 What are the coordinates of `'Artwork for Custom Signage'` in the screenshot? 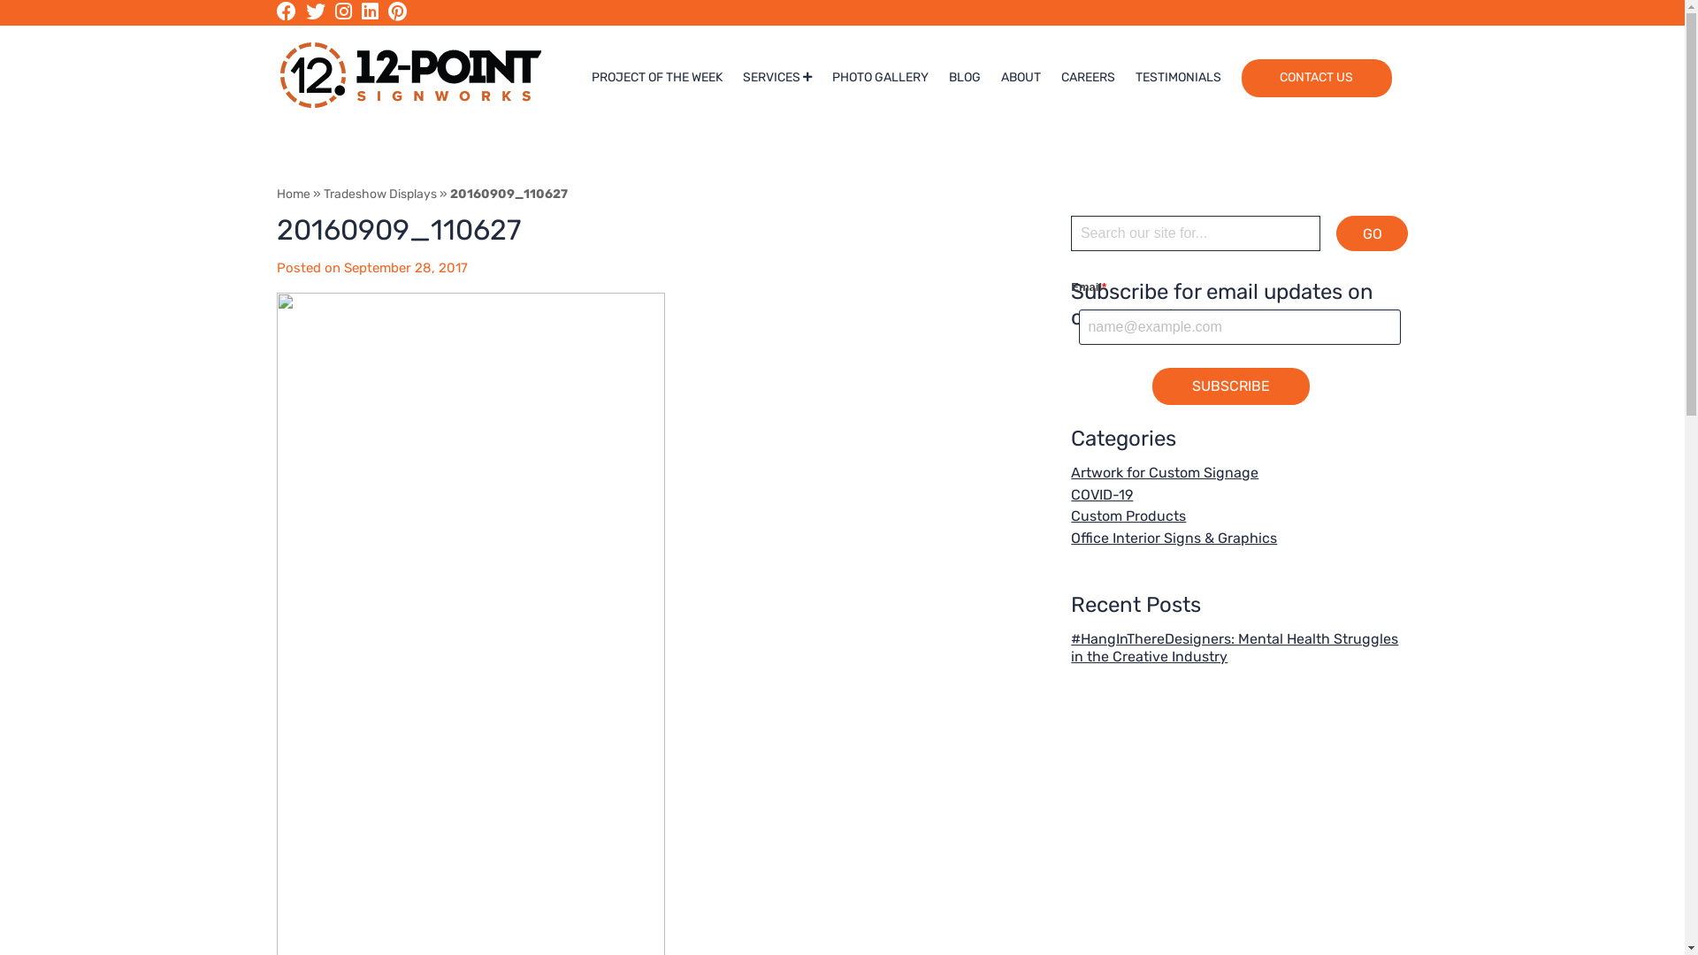 It's located at (1164, 471).